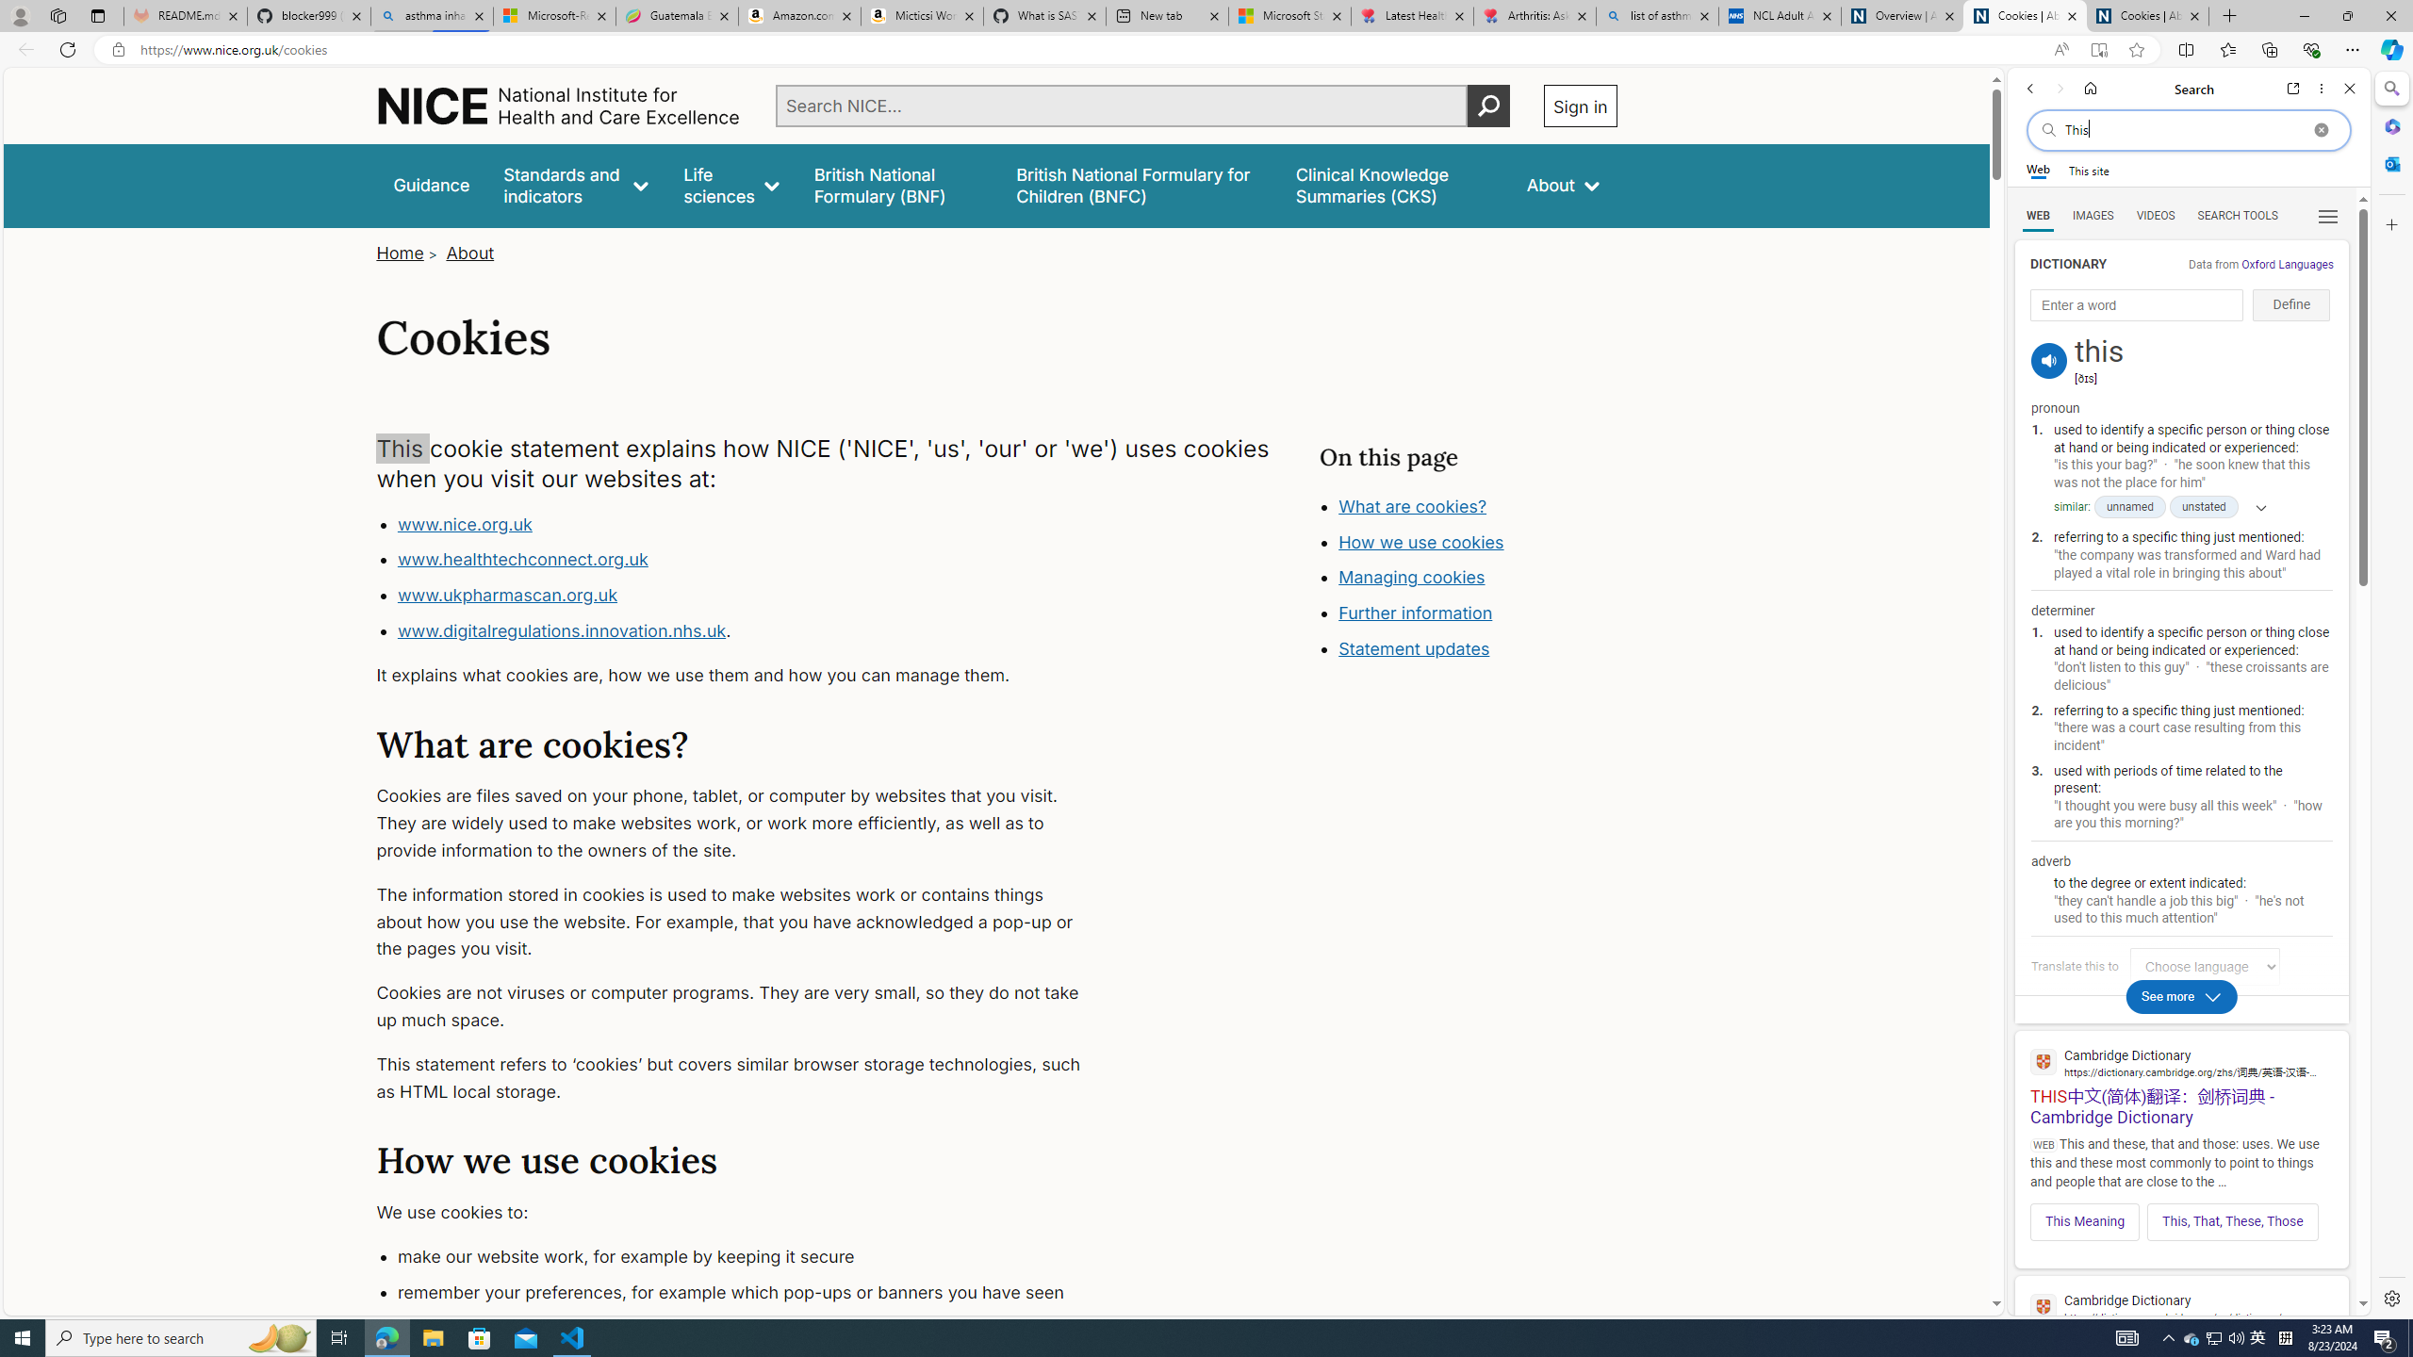 The height and width of the screenshot is (1357, 2413). Describe the element at coordinates (2136, 304) in the screenshot. I see `'Enter a word'` at that location.